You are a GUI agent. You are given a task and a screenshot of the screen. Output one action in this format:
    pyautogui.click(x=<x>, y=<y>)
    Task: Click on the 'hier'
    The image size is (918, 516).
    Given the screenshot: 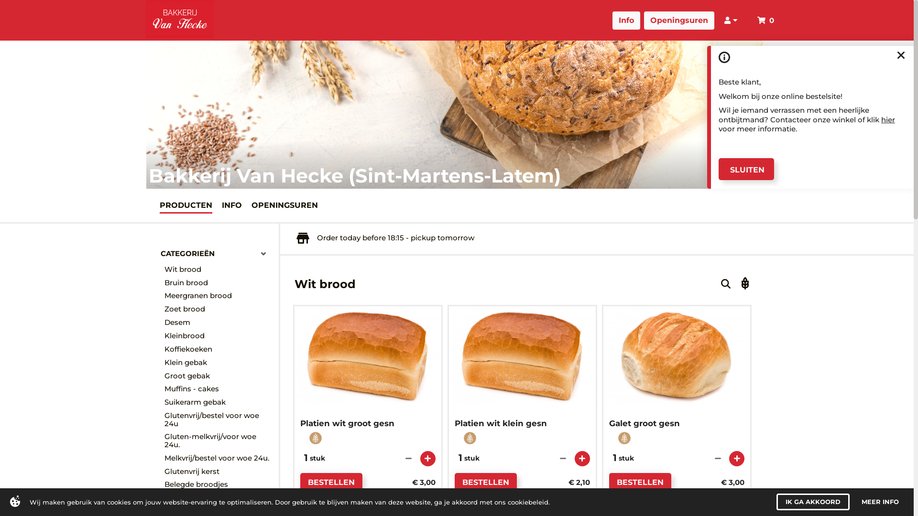 What is the action you would take?
    pyautogui.click(x=887, y=118)
    